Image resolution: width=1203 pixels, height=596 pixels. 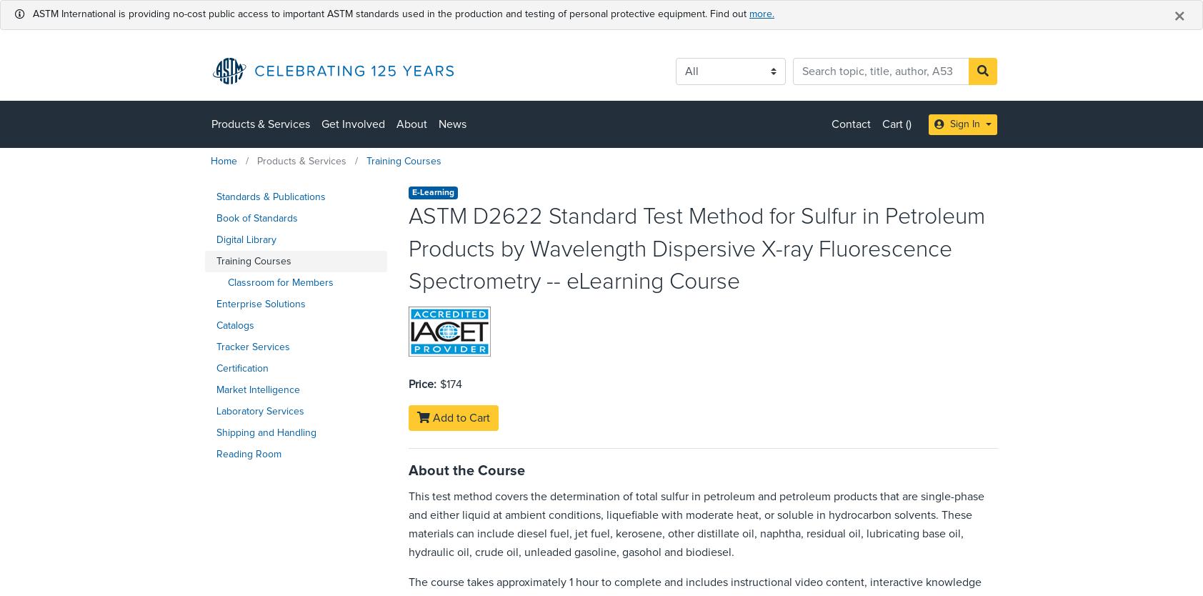 What do you see at coordinates (253, 347) in the screenshot?
I see `'Tracker Services'` at bounding box center [253, 347].